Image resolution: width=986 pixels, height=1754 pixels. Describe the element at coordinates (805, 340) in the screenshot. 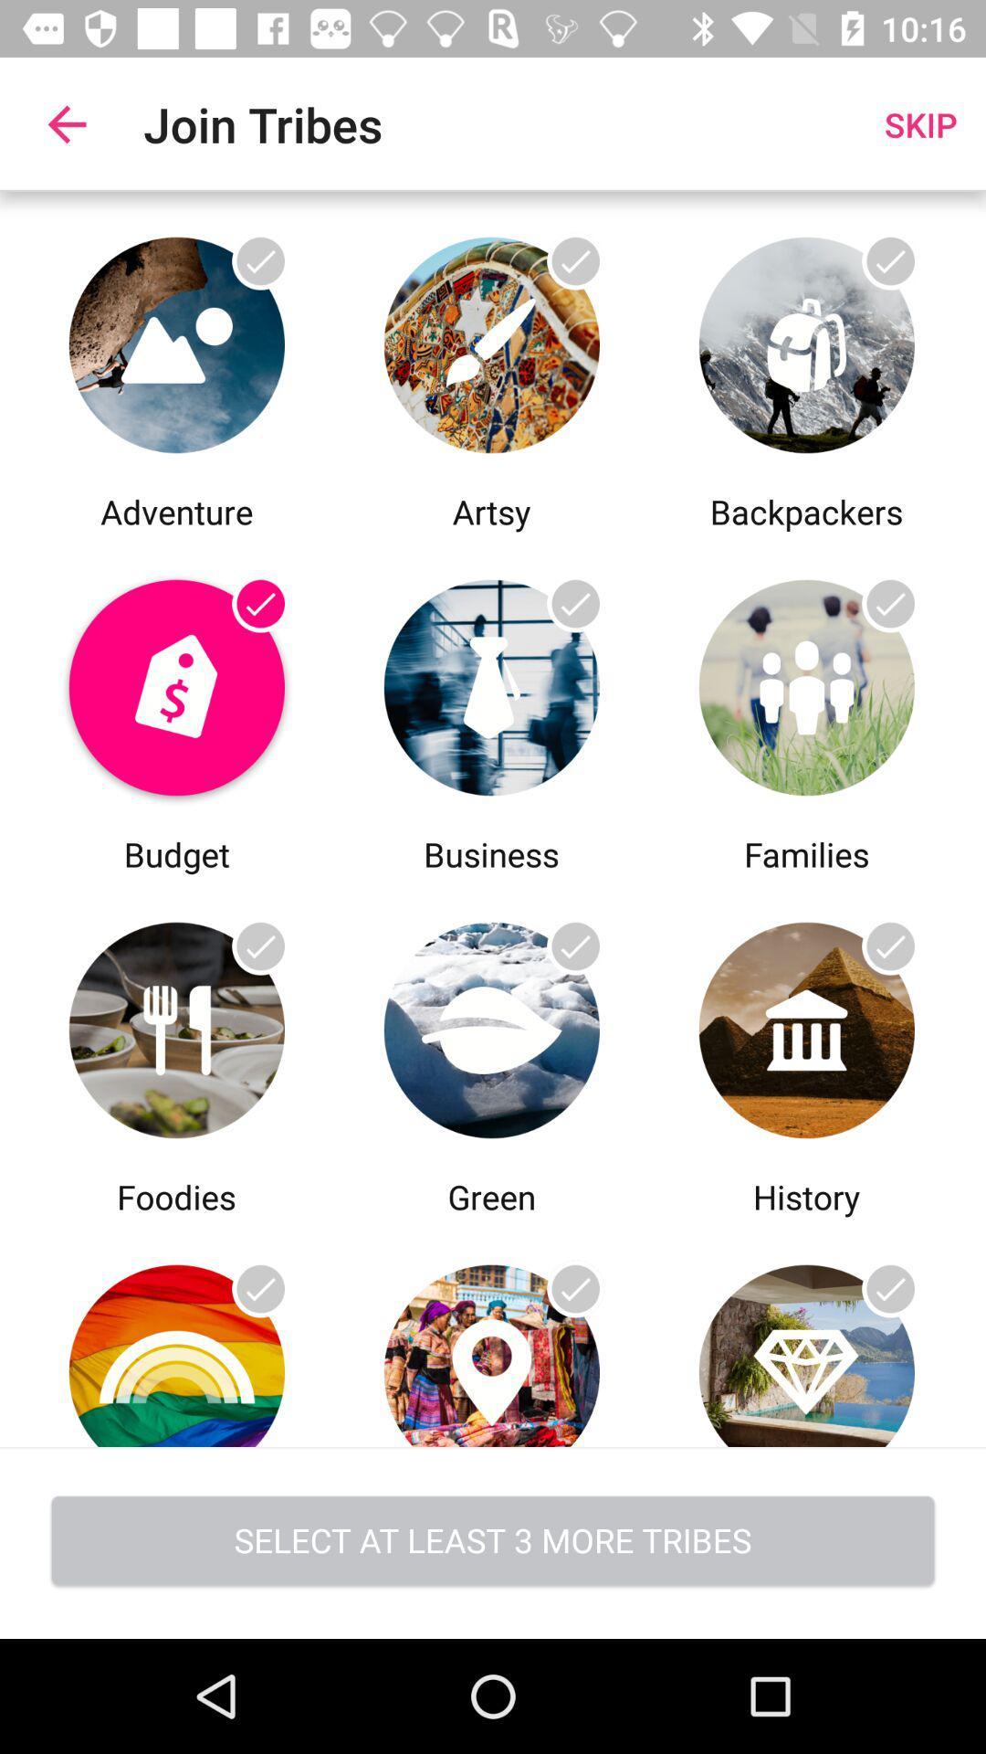

I see `backpackers select option` at that location.